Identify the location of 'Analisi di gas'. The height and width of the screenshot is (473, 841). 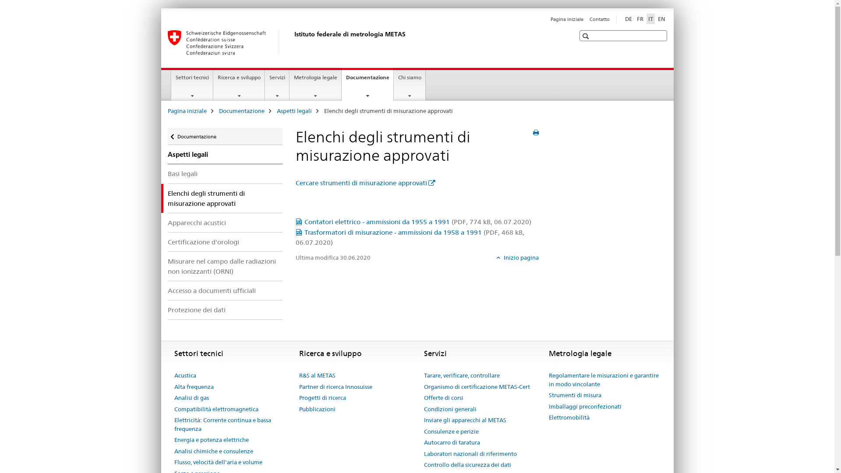
(191, 398).